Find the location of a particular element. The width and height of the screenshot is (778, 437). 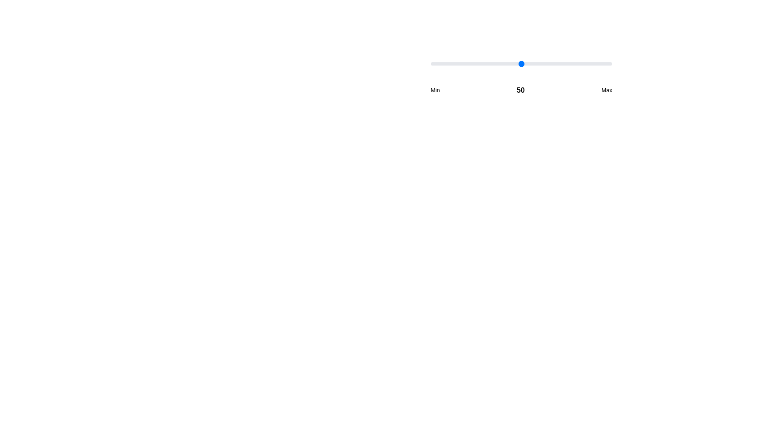

the slider is located at coordinates (488, 64).